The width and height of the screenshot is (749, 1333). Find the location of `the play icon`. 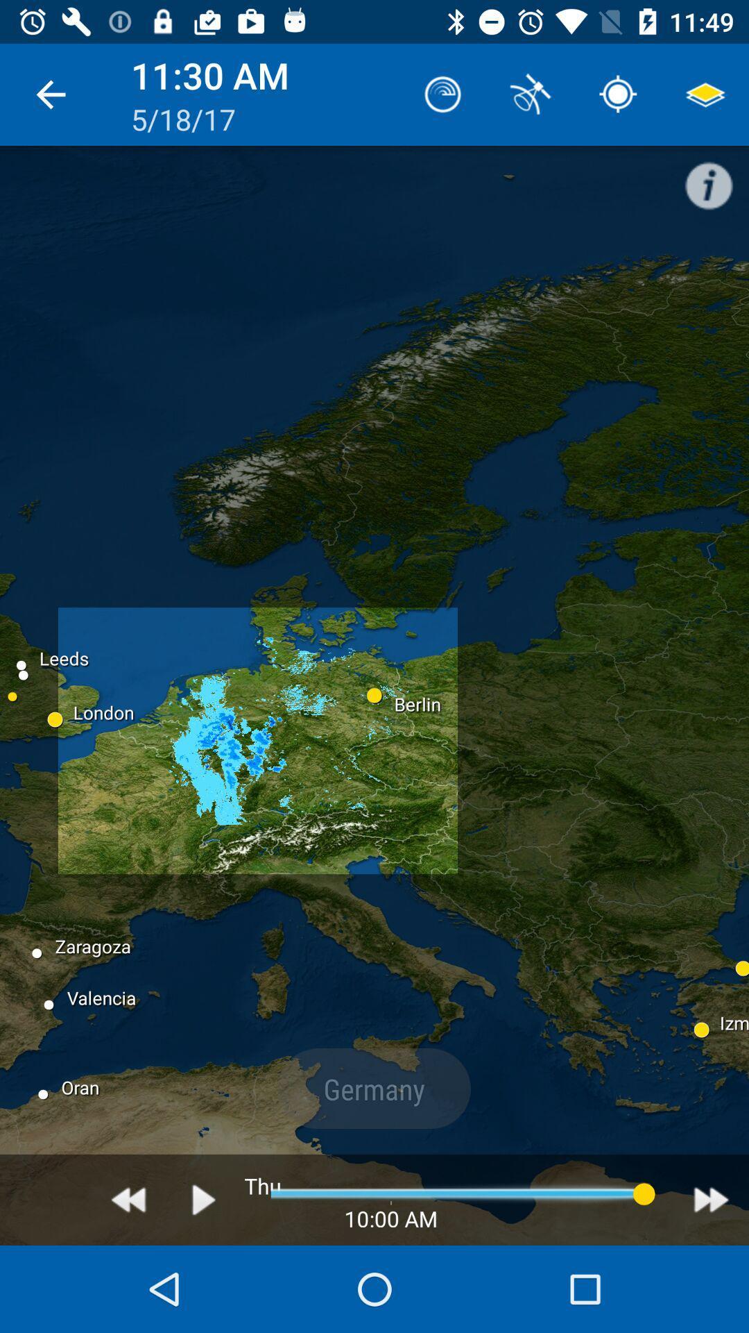

the play icon is located at coordinates (204, 1199).